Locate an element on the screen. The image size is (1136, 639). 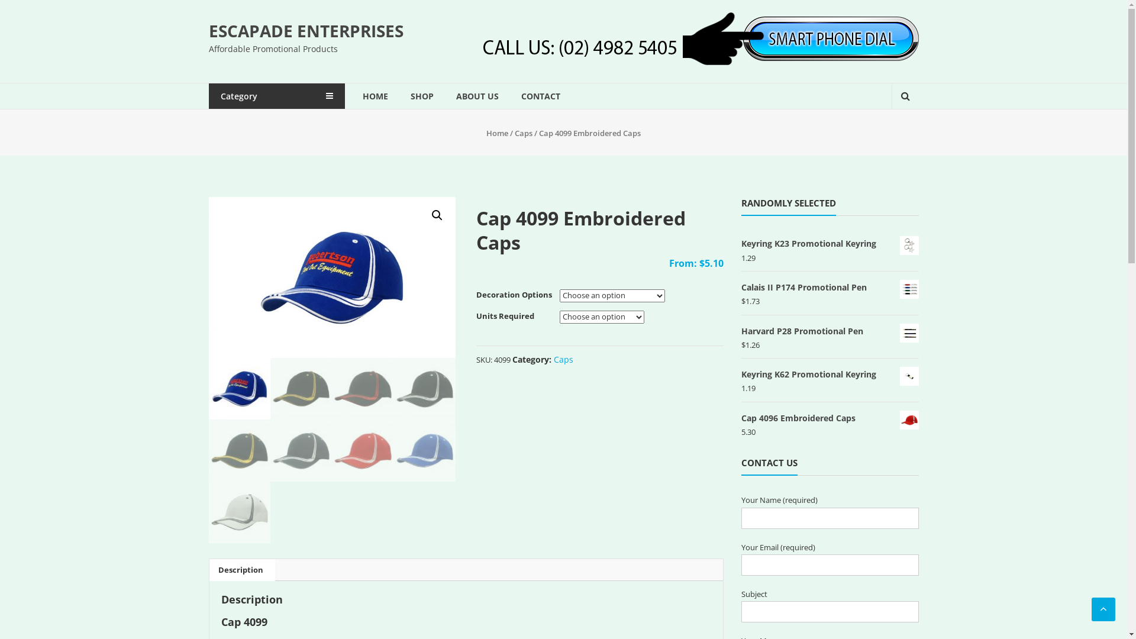
'Description' is located at coordinates (240, 569).